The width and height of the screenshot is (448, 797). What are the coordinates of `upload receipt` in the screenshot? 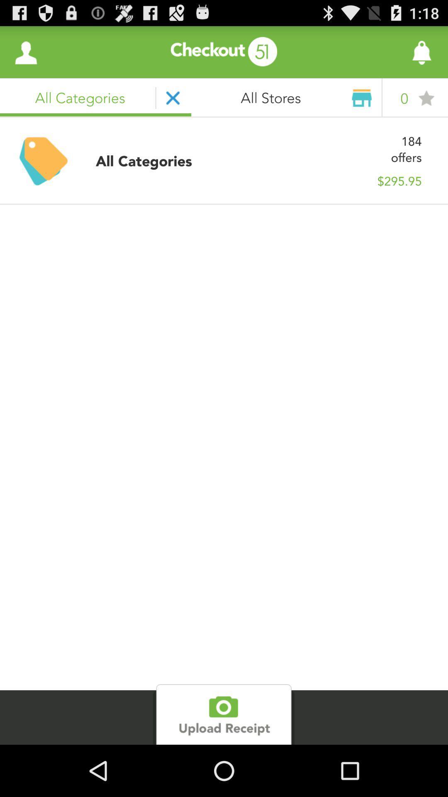 It's located at (223, 714).